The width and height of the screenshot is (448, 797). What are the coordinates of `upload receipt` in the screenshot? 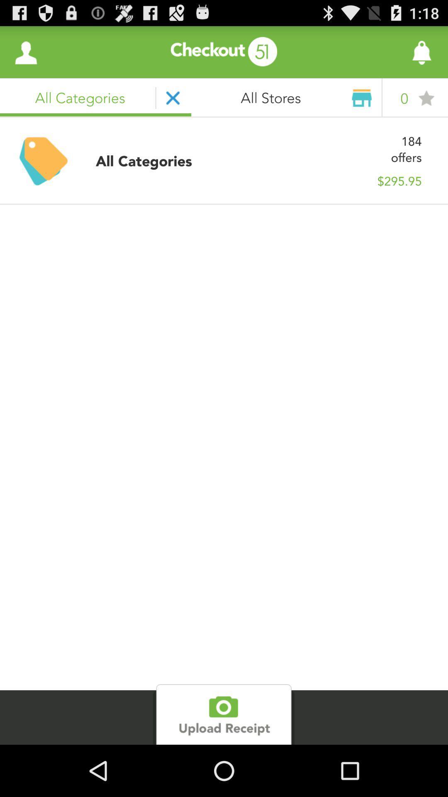 It's located at (223, 714).